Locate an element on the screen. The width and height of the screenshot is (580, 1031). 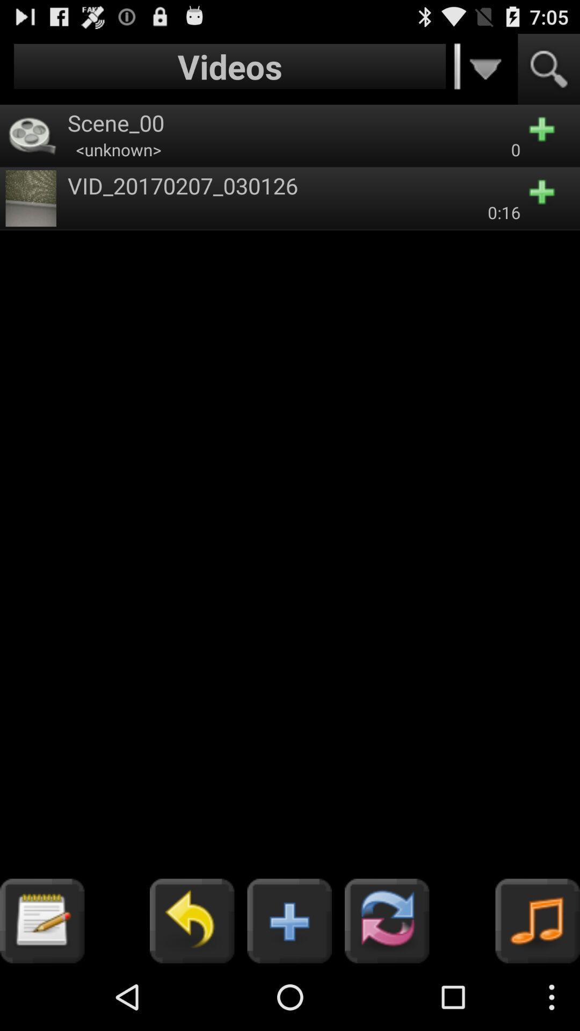
the reply icon is located at coordinates (191, 985).